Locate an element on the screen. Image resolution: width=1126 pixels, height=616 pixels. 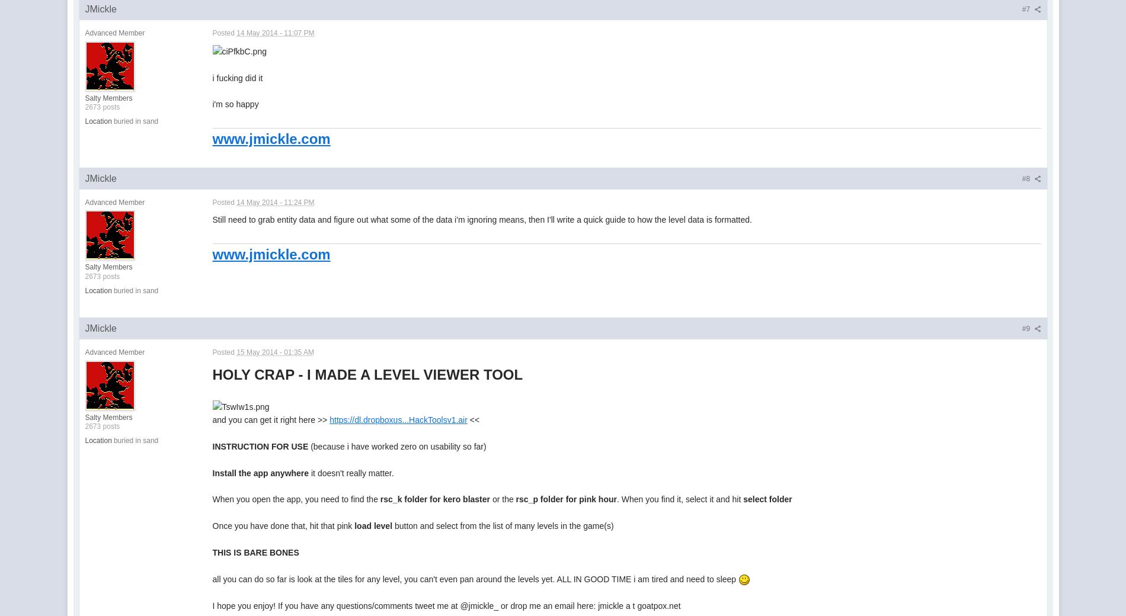
'https://dl.dropboxus...HackToolsv1.air' is located at coordinates (398, 419).